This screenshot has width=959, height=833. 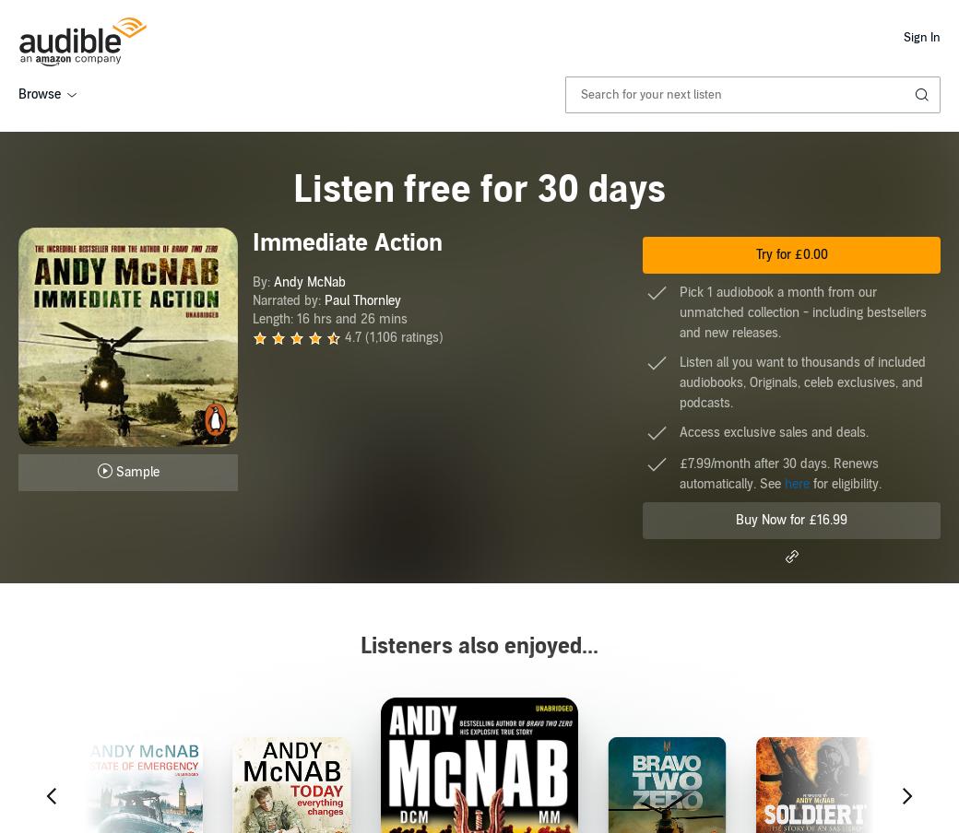 What do you see at coordinates (136, 472) in the screenshot?
I see `'Sample'` at bounding box center [136, 472].